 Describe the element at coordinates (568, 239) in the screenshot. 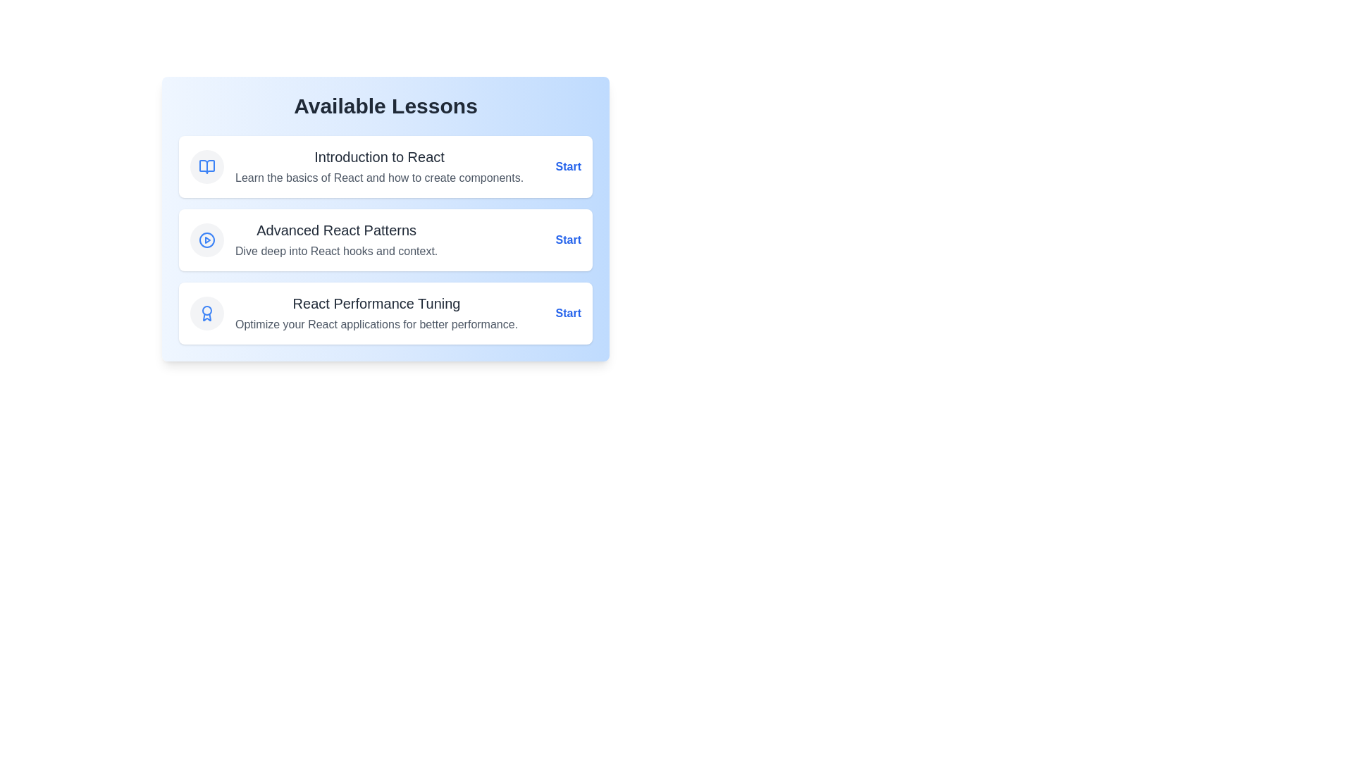

I see `the 'Start' link for the lesson titled Advanced React Patterns` at that location.